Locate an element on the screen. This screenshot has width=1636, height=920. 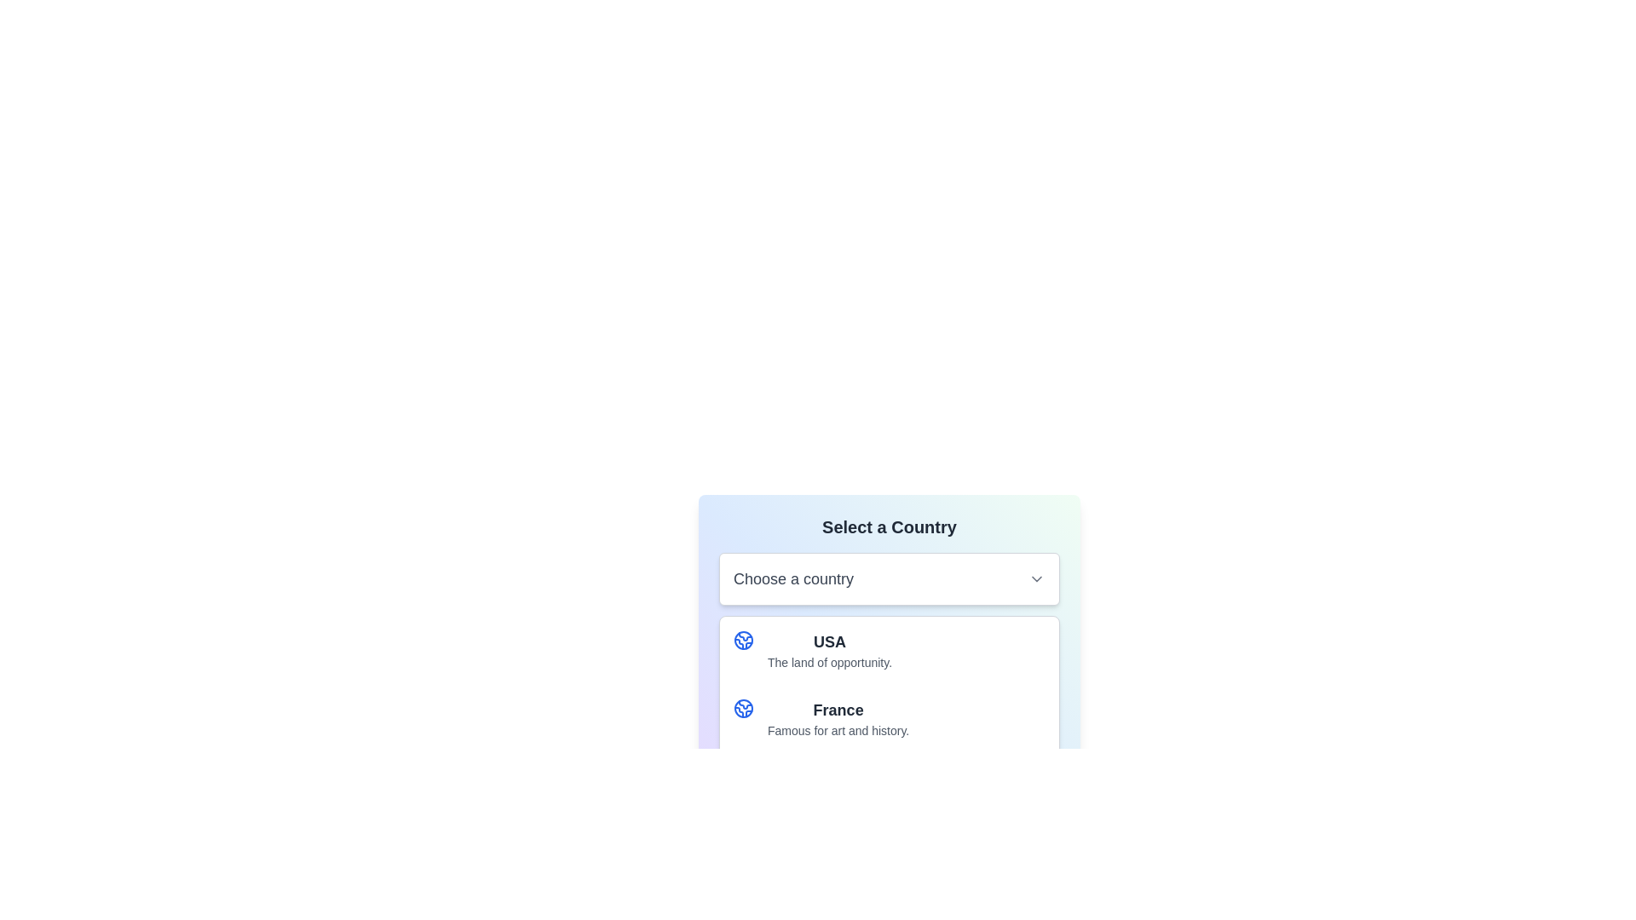
the text label that contains the description 'Famous for art and history.' located below the country name 'France' is located at coordinates (838, 729).